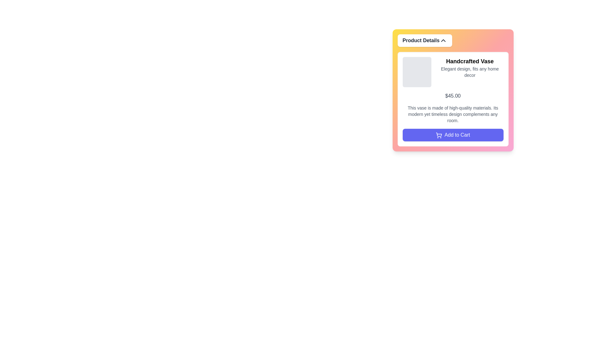  I want to click on the indigo-blue 'Add to Cart' button with a shopping cart icon, so click(452, 134).